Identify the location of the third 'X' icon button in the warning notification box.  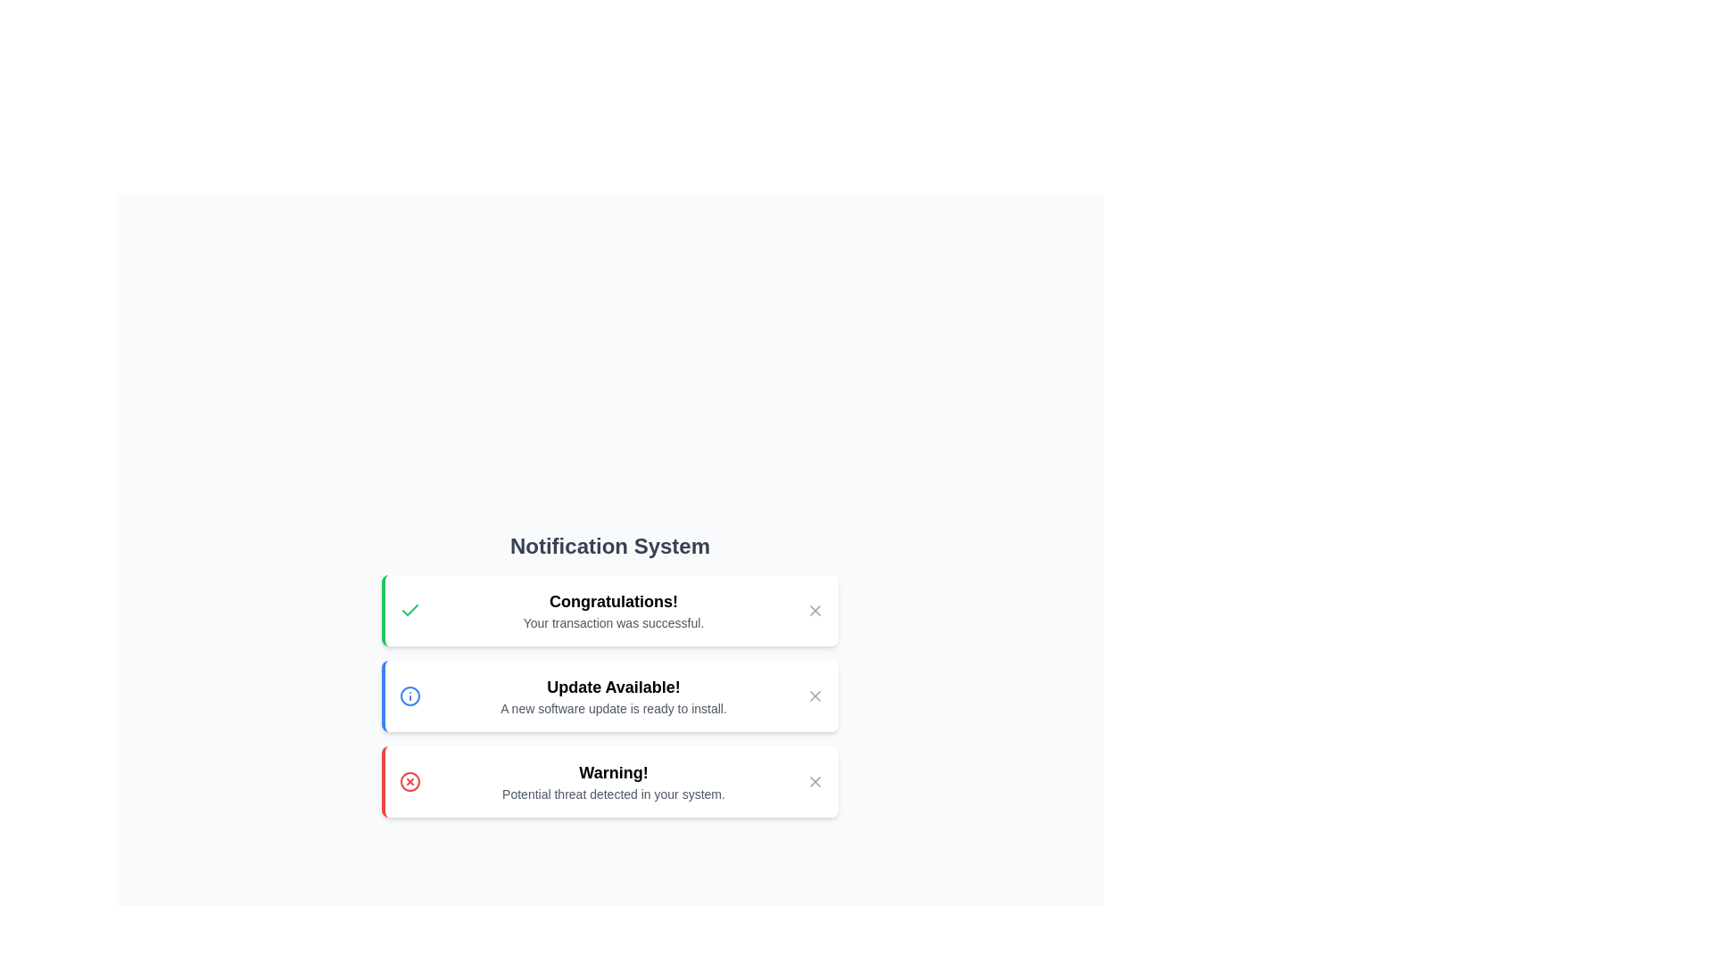
(814, 780).